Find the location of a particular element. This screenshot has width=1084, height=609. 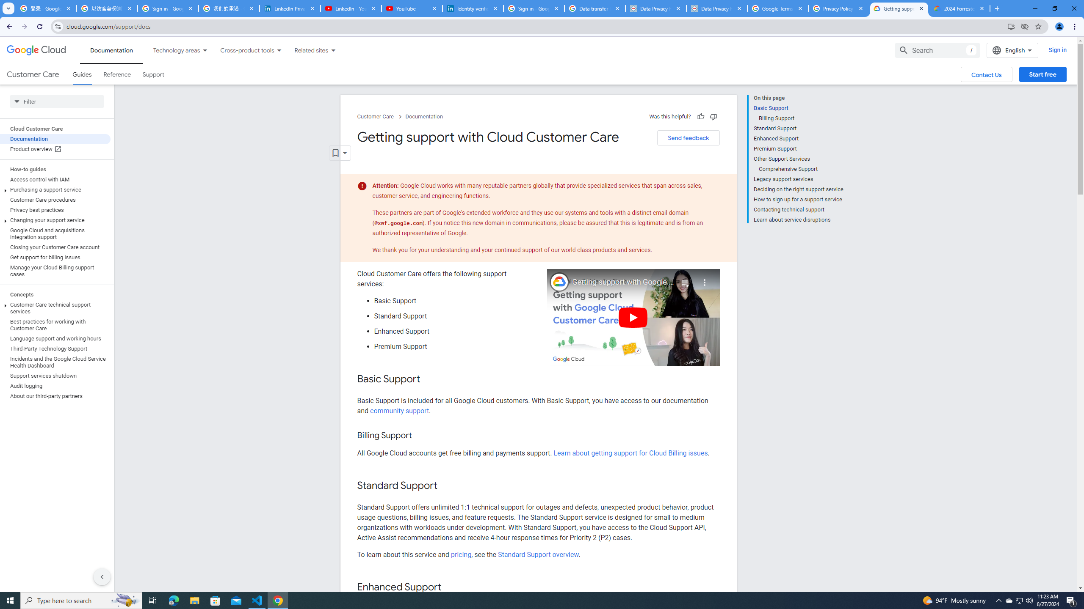

'Legacy support services' is located at coordinates (798, 179).